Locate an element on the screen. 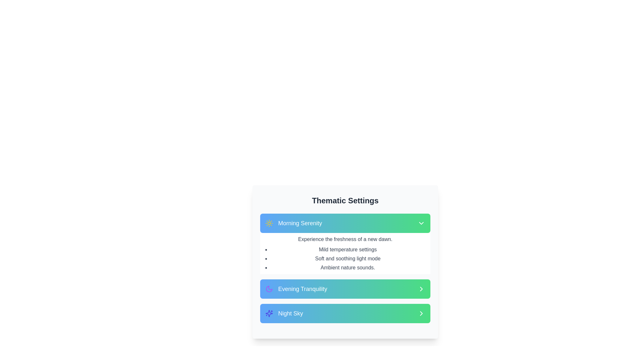 The width and height of the screenshot is (619, 348). the text block containing bullet points with 'Mild temperature settings', 'Soft and soothing light mode', and 'Ambient nature sounds.' positioned under the heading 'Experience the freshness of a new dawn.' is located at coordinates (348, 258).